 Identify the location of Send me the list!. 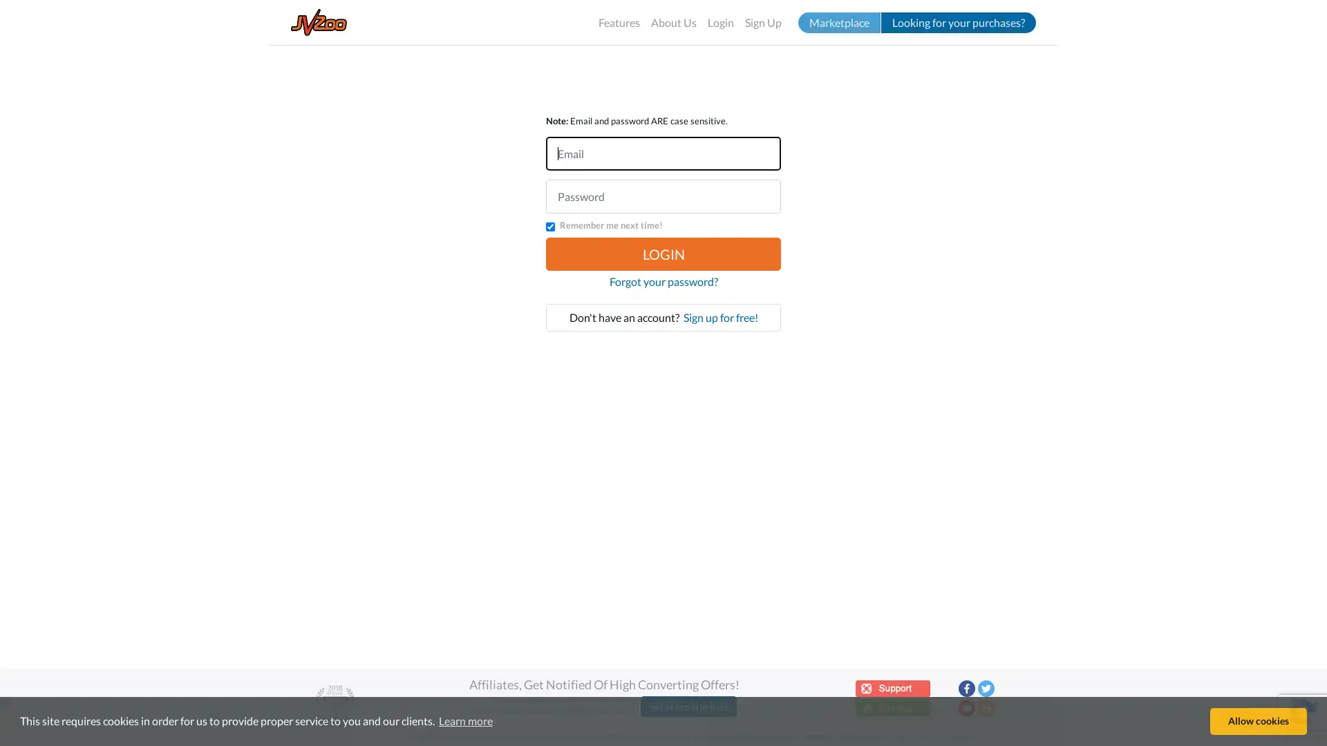
(688, 706).